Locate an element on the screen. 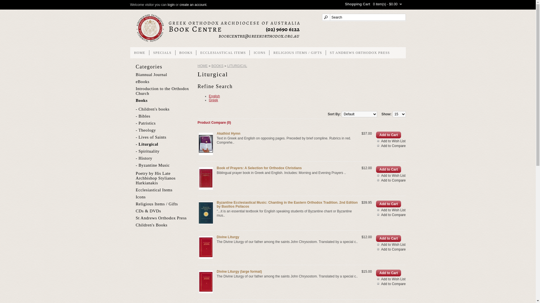 This screenshot has width=540, height=303. 'Search' is located at coordinates (363, 17).